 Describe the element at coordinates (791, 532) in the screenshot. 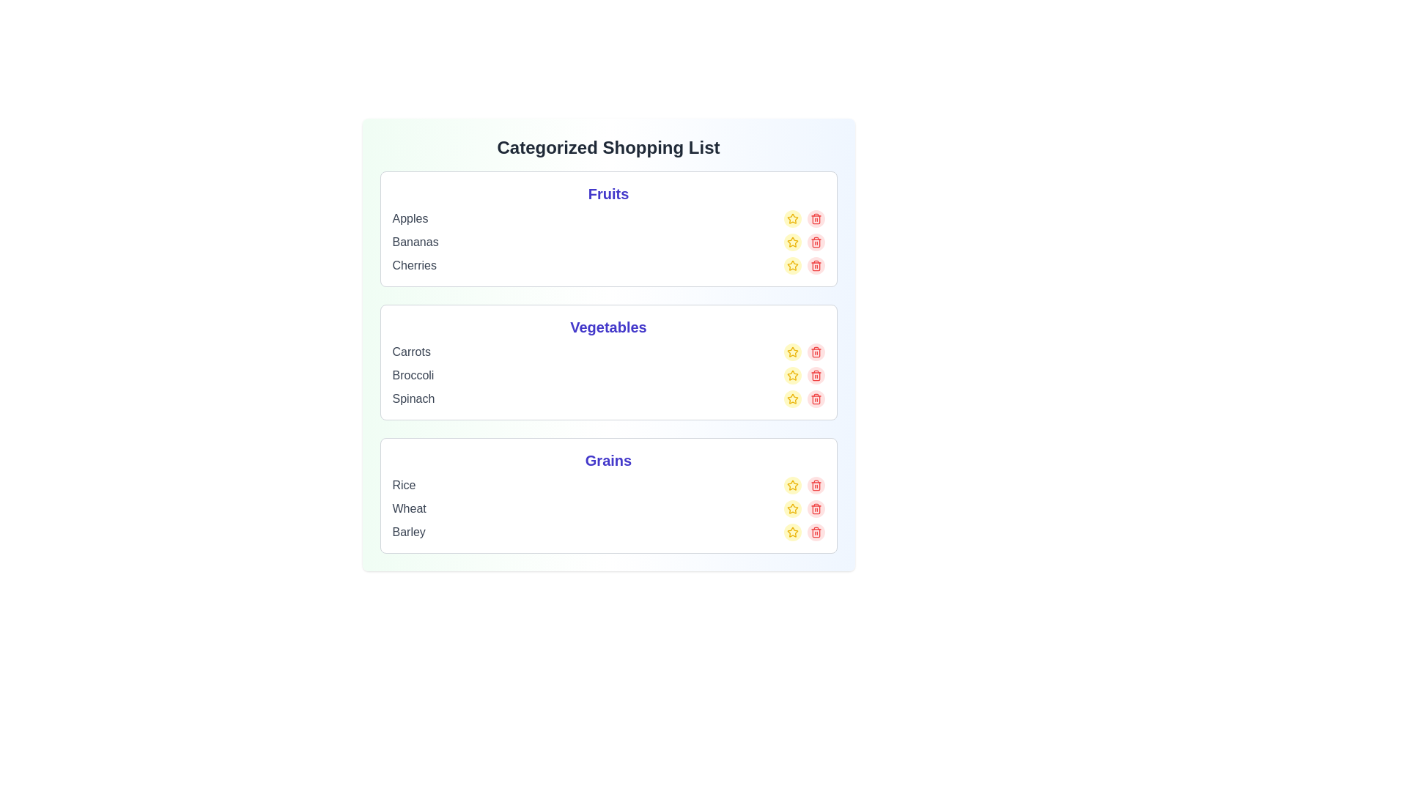

I see `the star icon of the item Barley to mark it as favorite` at that location.